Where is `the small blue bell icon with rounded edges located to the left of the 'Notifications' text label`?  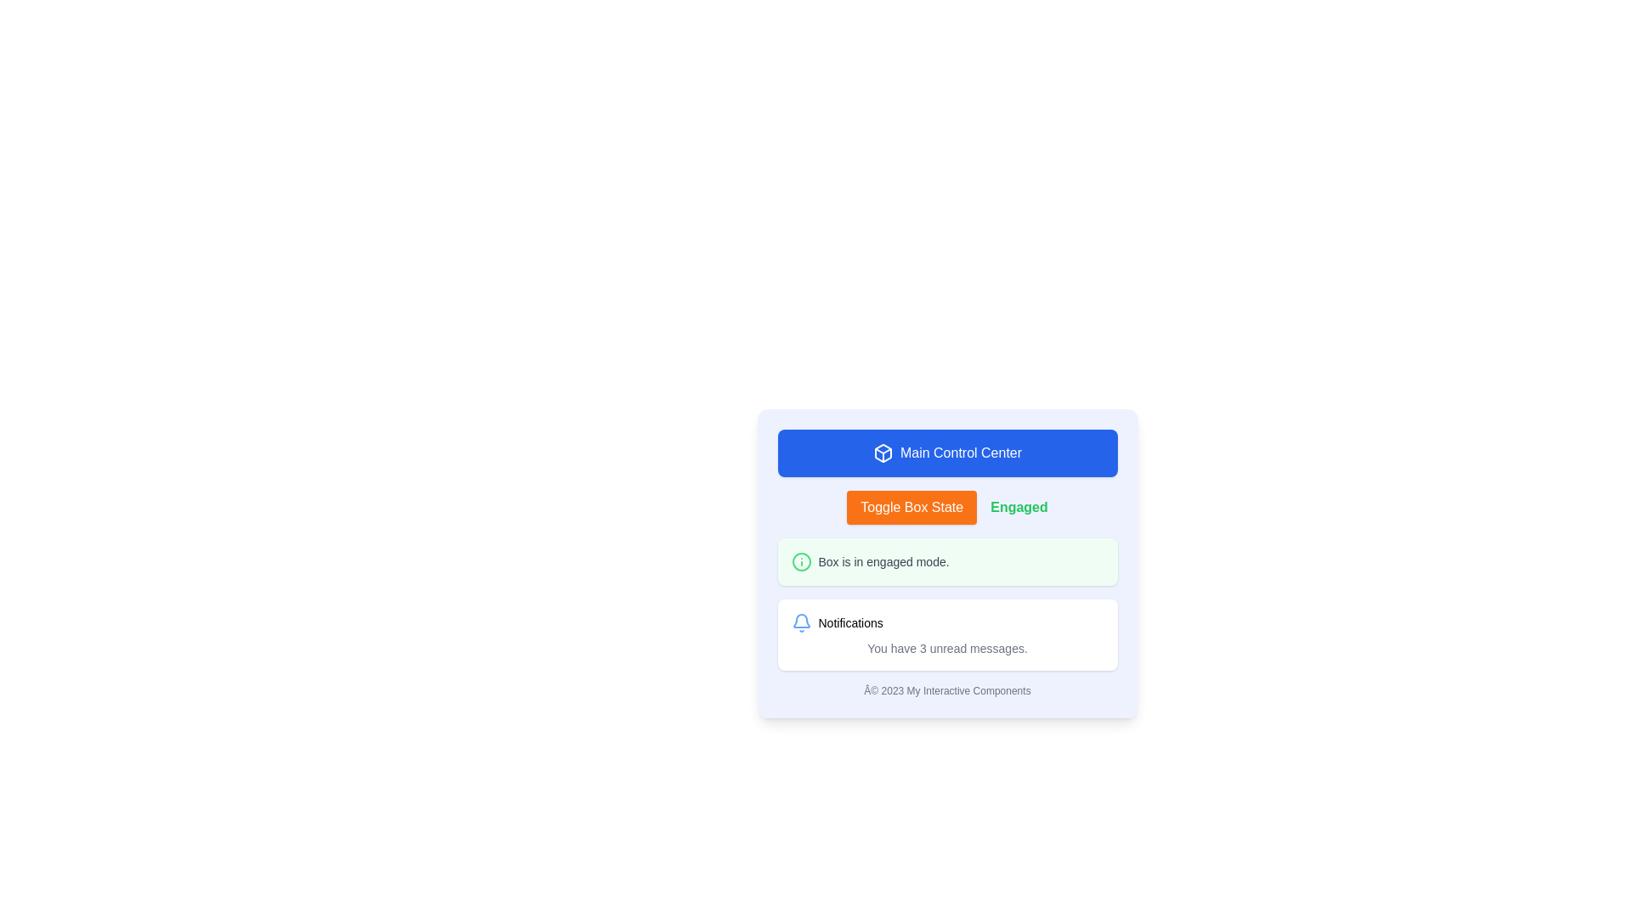 the small blue bell icon with rounded edges located to the left of the 'Notifications' text label is located at coordinates (800, 622).